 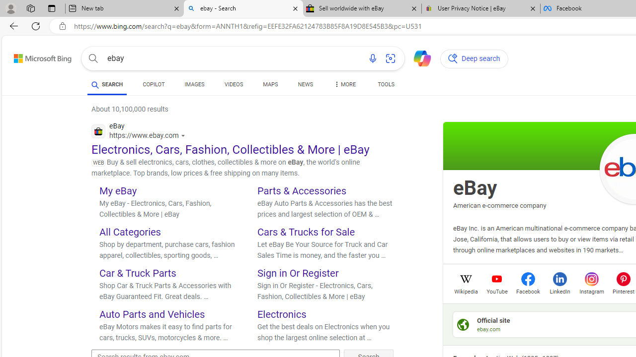 I want to click on 'Dropdown Menu', so click(x=344, y=84).